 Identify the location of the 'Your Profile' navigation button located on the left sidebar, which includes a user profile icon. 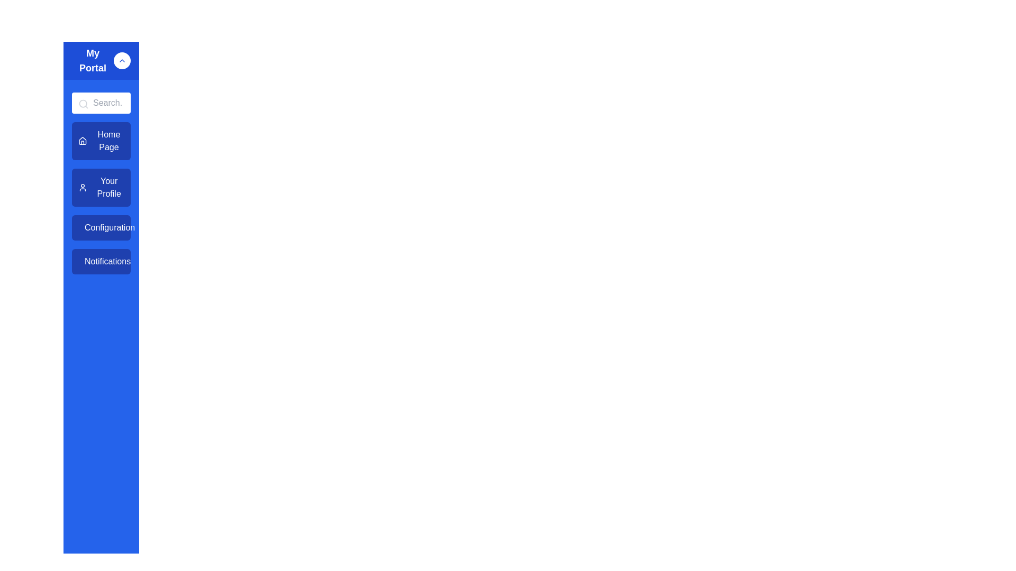
(82, 187).